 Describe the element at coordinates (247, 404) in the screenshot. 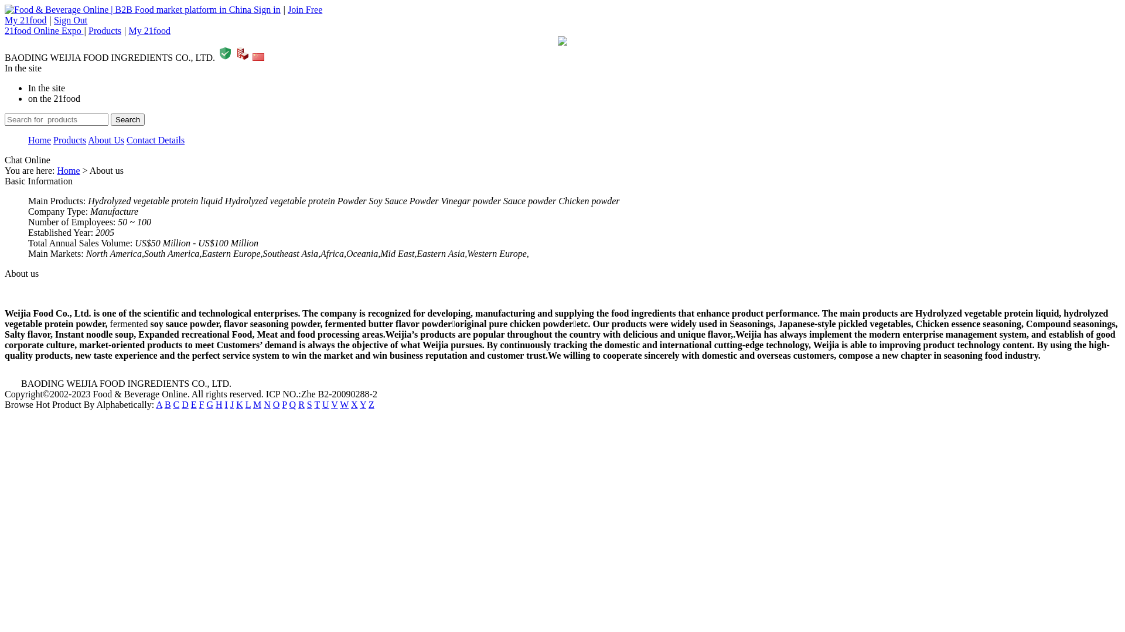

I see `'L'` at that location.